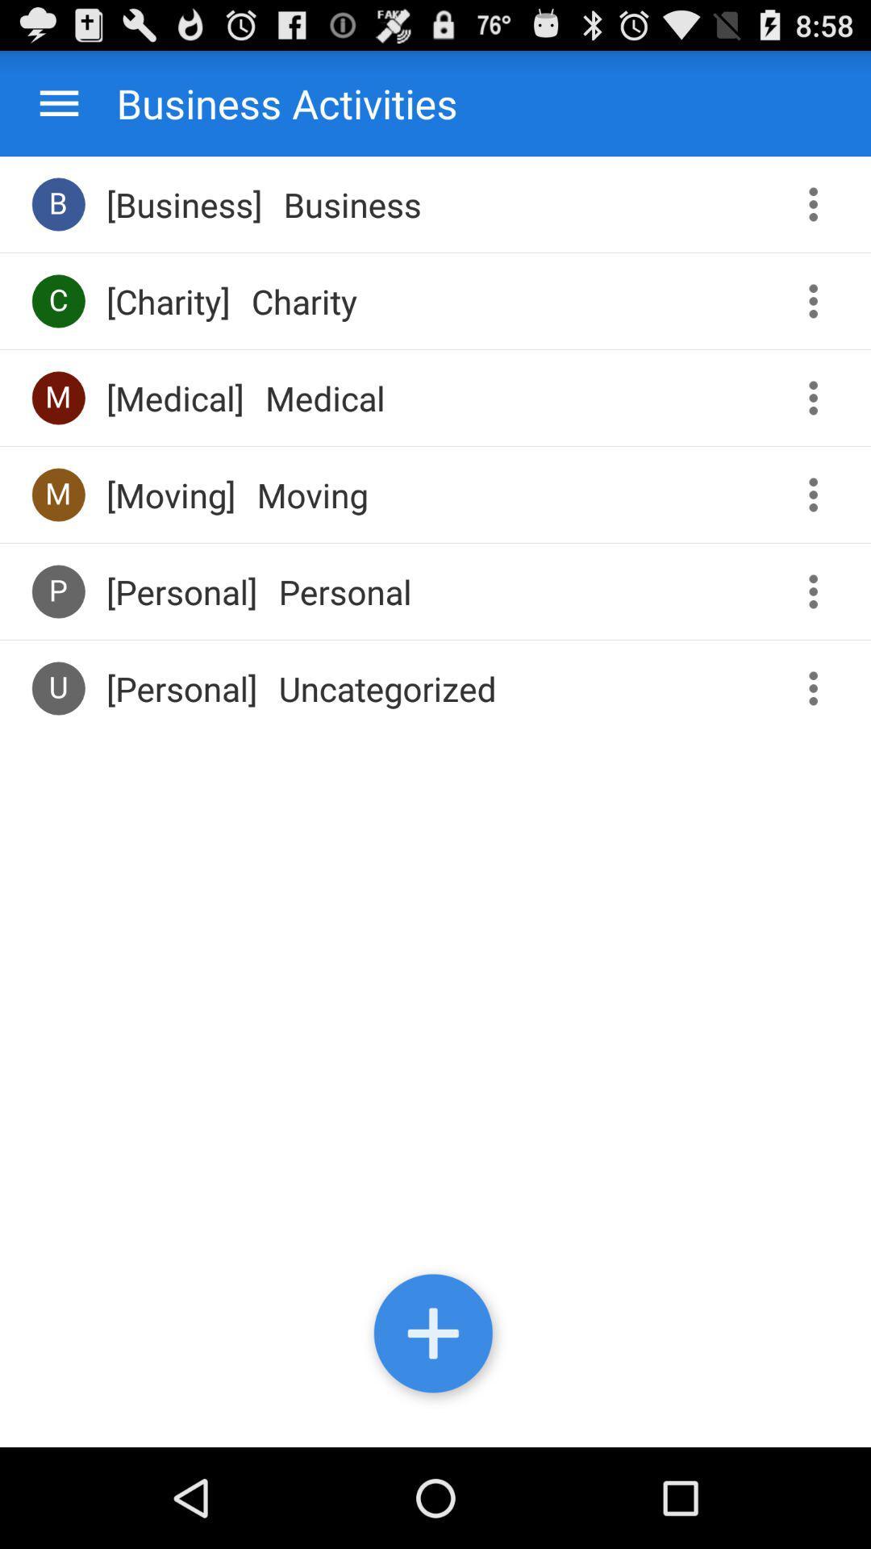 This screenshot has width=871, height=1549. Describe the element at coordinates (435, 1337) in the screenshot. I see `another business activity` at that location.